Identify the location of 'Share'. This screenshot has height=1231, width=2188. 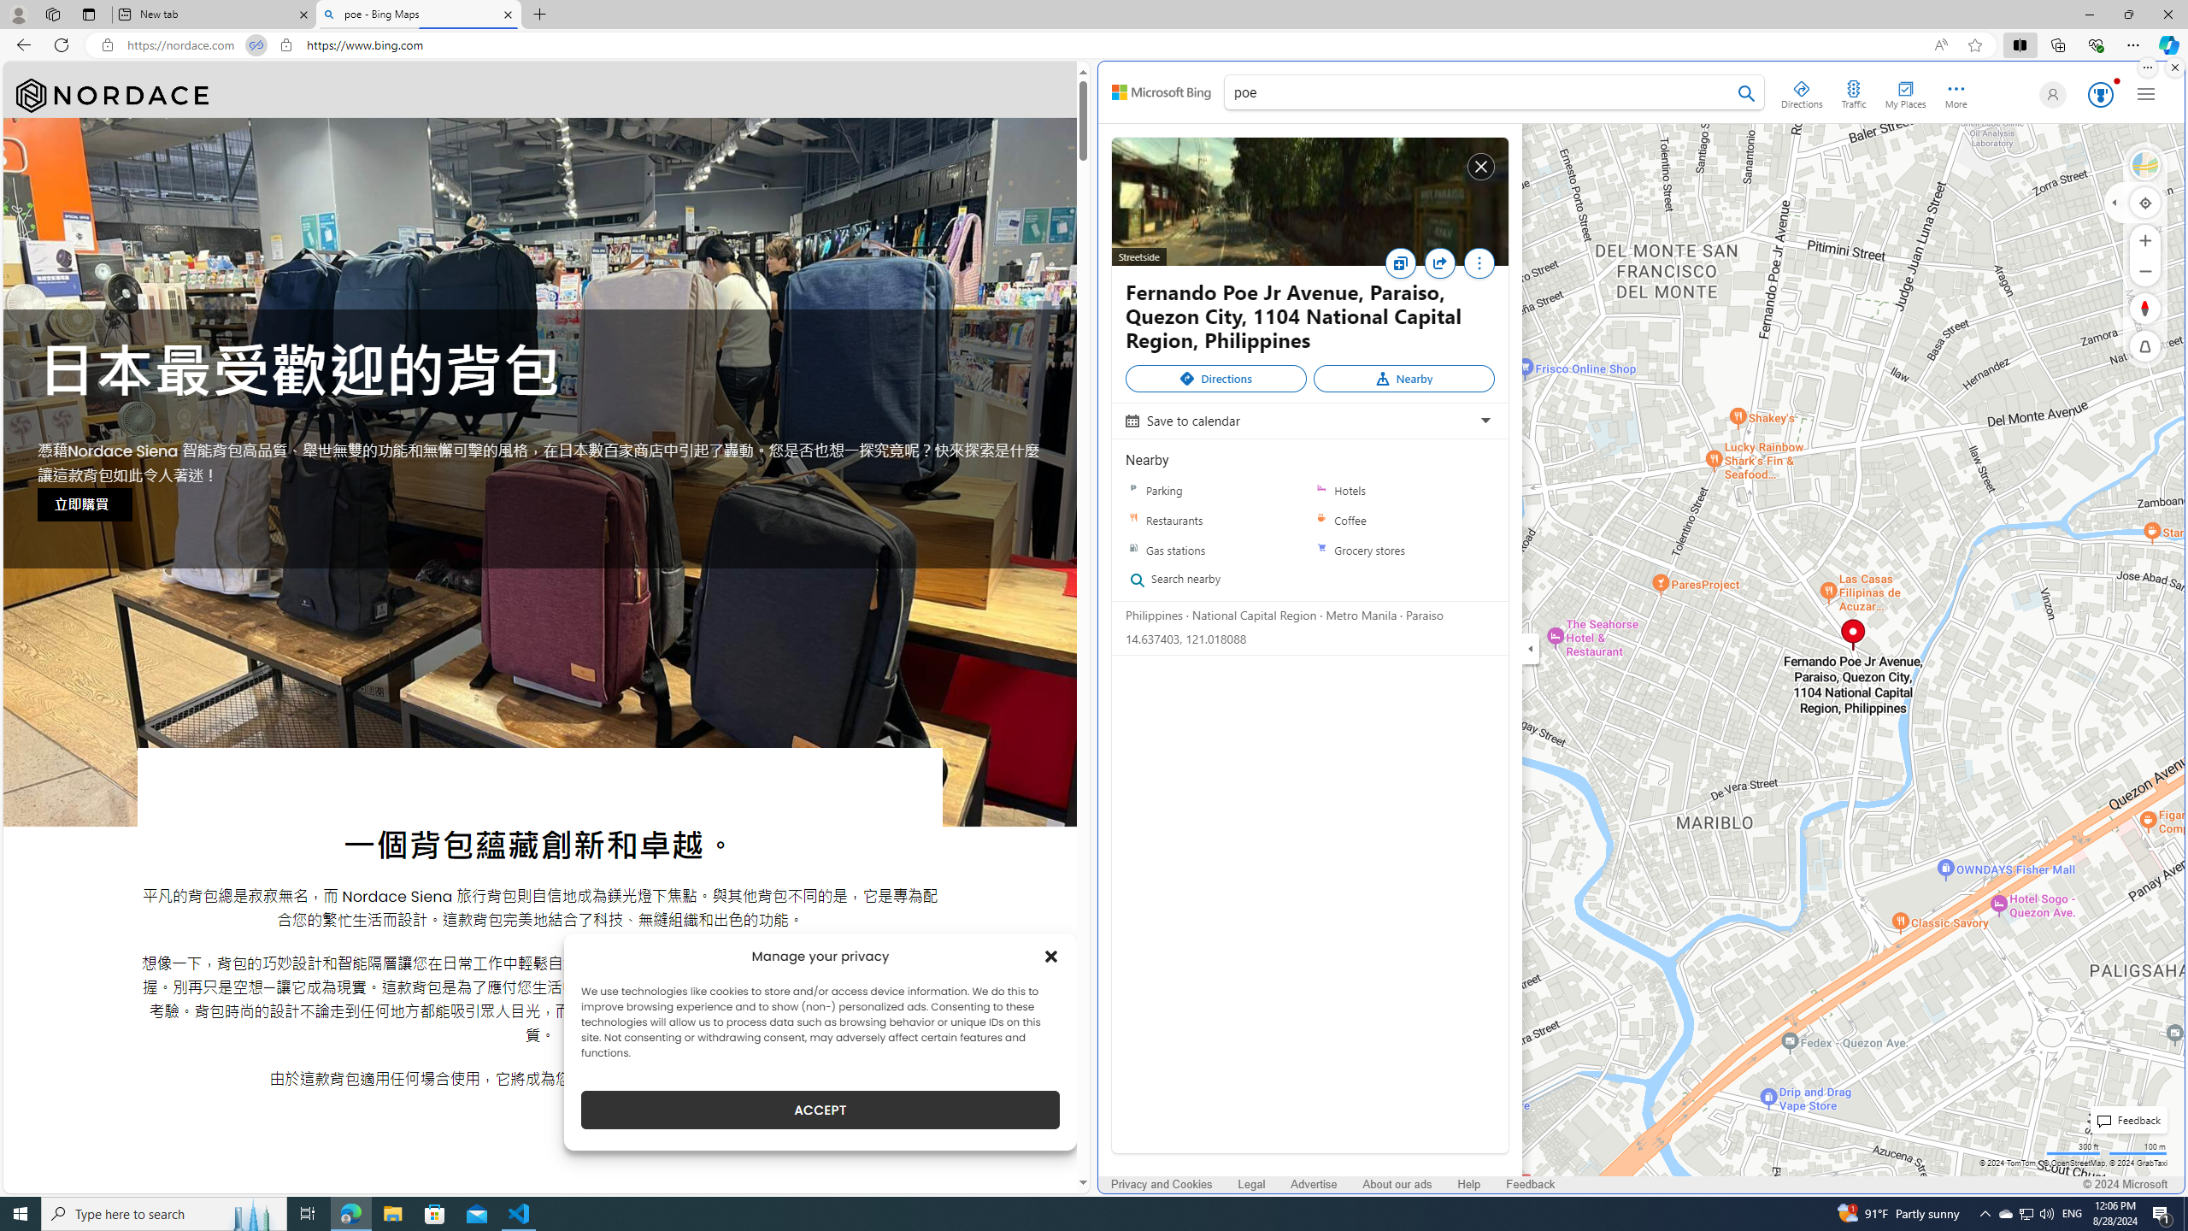
(1438, 262).